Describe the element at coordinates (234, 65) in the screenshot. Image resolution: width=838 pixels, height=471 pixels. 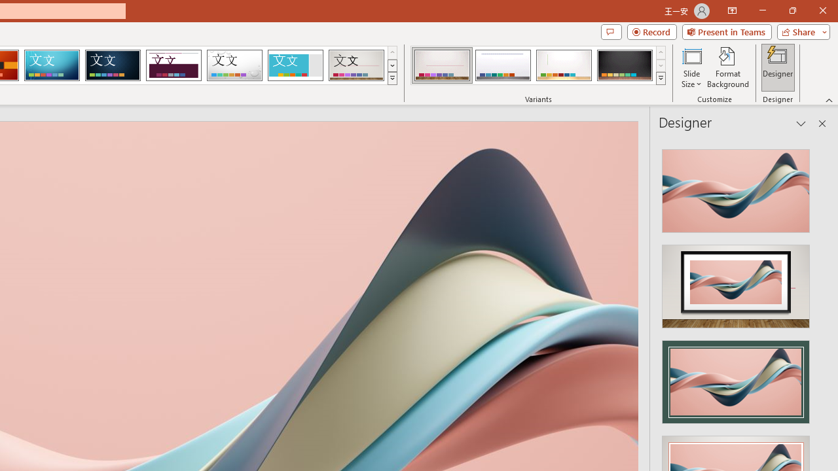
I see `'Droplet'` at that location.